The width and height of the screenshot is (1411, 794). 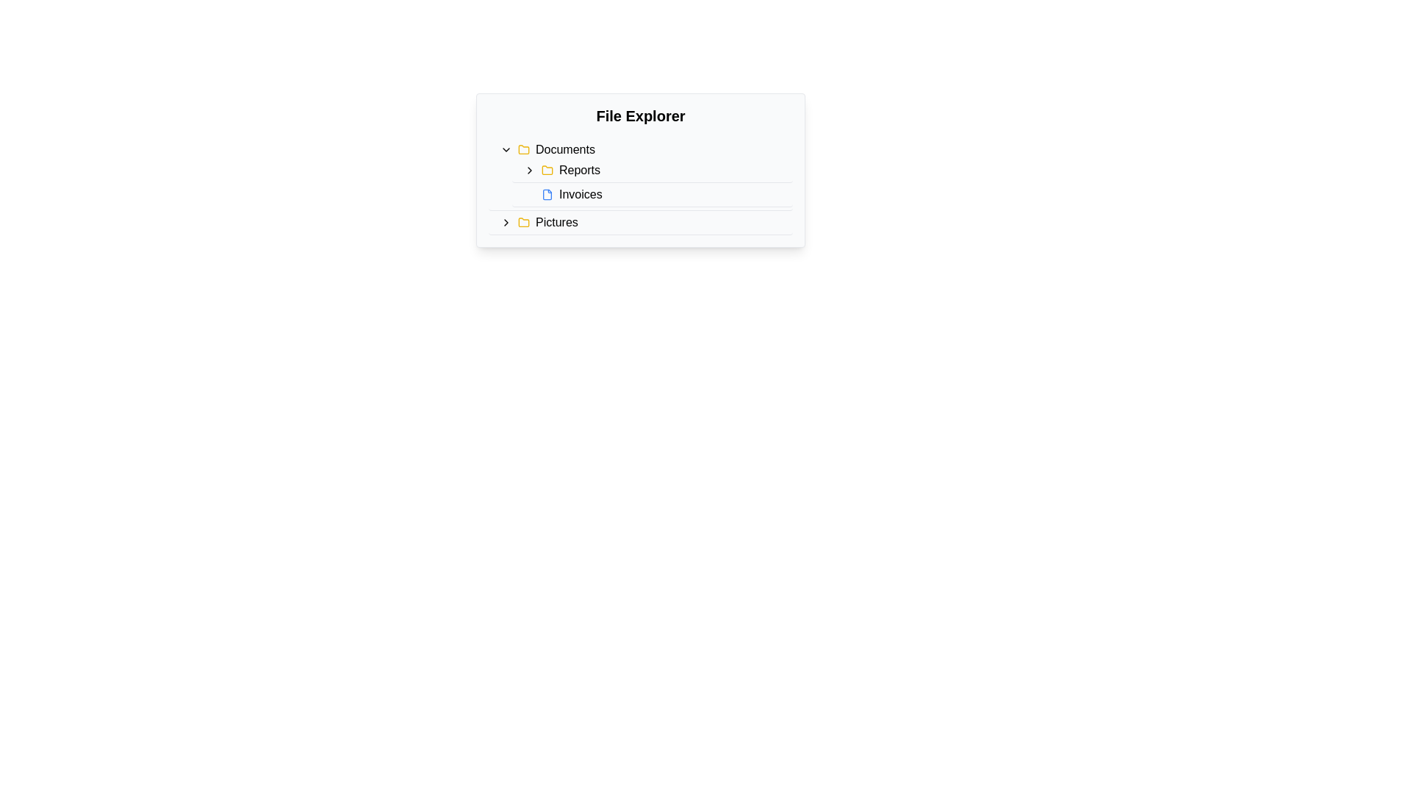 What do you see at coordinates (506, 223) in the screenshot?
I see `the icon-based button located to the left of the 'Pictures' text` at bounding box center [506, 223].